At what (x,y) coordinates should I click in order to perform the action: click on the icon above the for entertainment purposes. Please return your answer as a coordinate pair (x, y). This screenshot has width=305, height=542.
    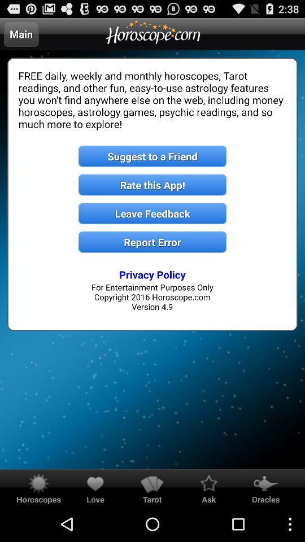
    Looking at the image, I should click on (152, 274).